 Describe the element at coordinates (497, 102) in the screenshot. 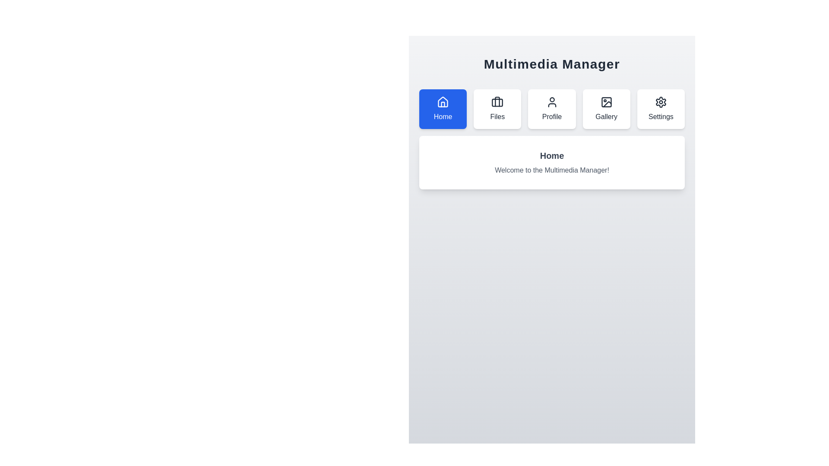

I see `the bottom rectangular component of the 'briefcase' icon labeled as 'Files', which is the second icon in the row of menu icons below the 'Multimedia Manager' title` at that location.